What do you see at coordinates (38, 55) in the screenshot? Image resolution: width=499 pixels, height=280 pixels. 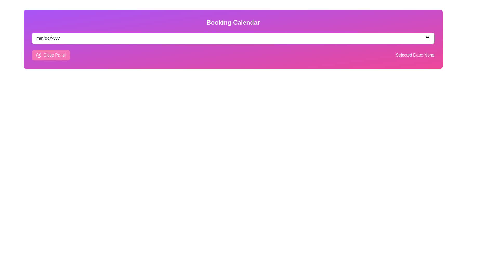 I see `the decorative icon embedded within the 'Close Panel' button located near the bottom left corner of the UI` at bounding box center [38, 55].